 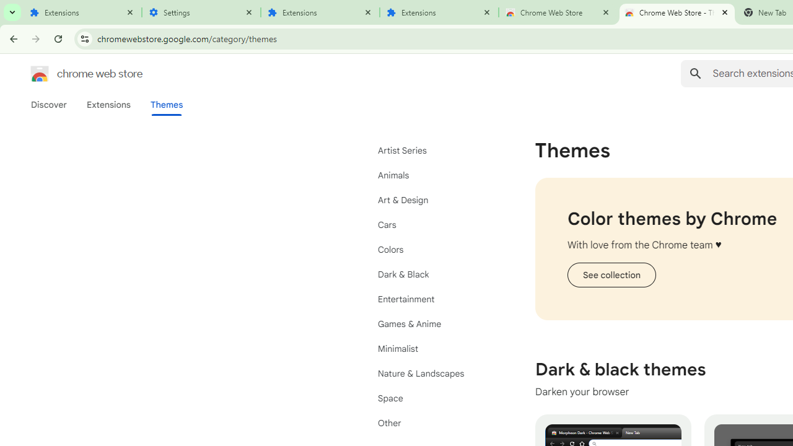 What do you see at coordinates (677, 12) in the screenshot?
I see `'Chrome Web Store - Themes'` at bounding box center [677, 12].